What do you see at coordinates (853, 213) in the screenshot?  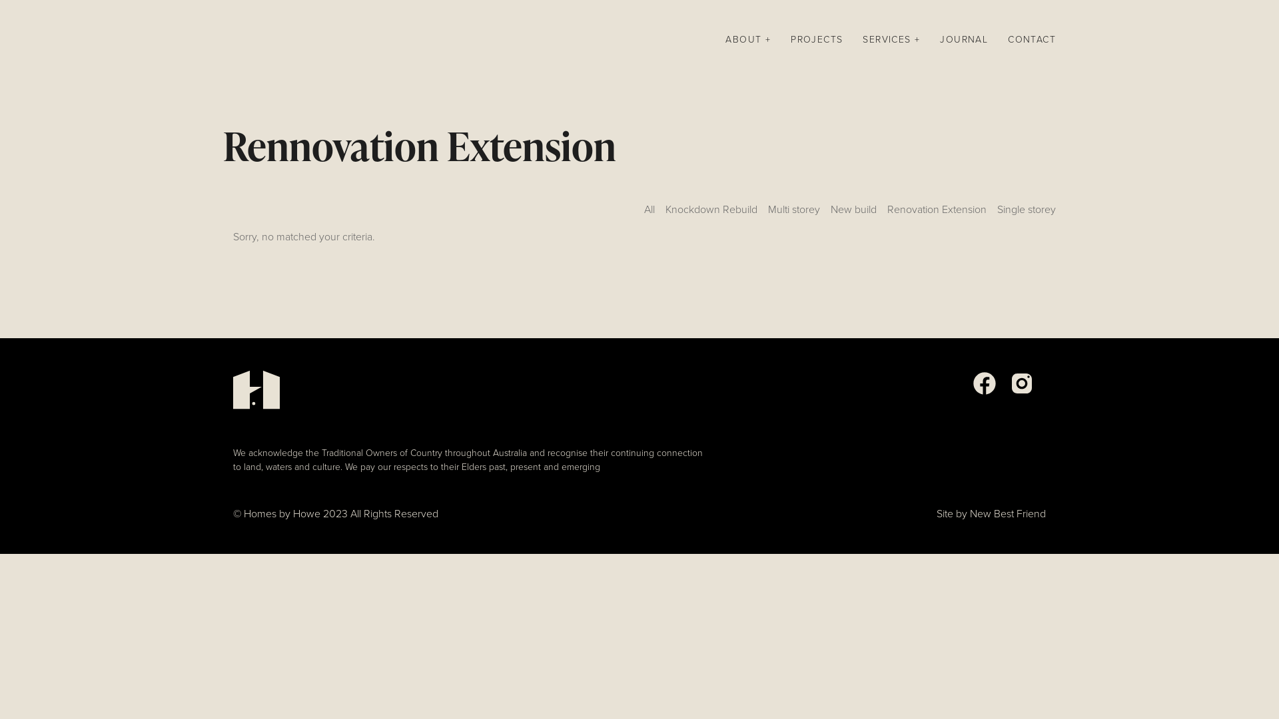 I see `'New build'` at bounding box center [853, 213].